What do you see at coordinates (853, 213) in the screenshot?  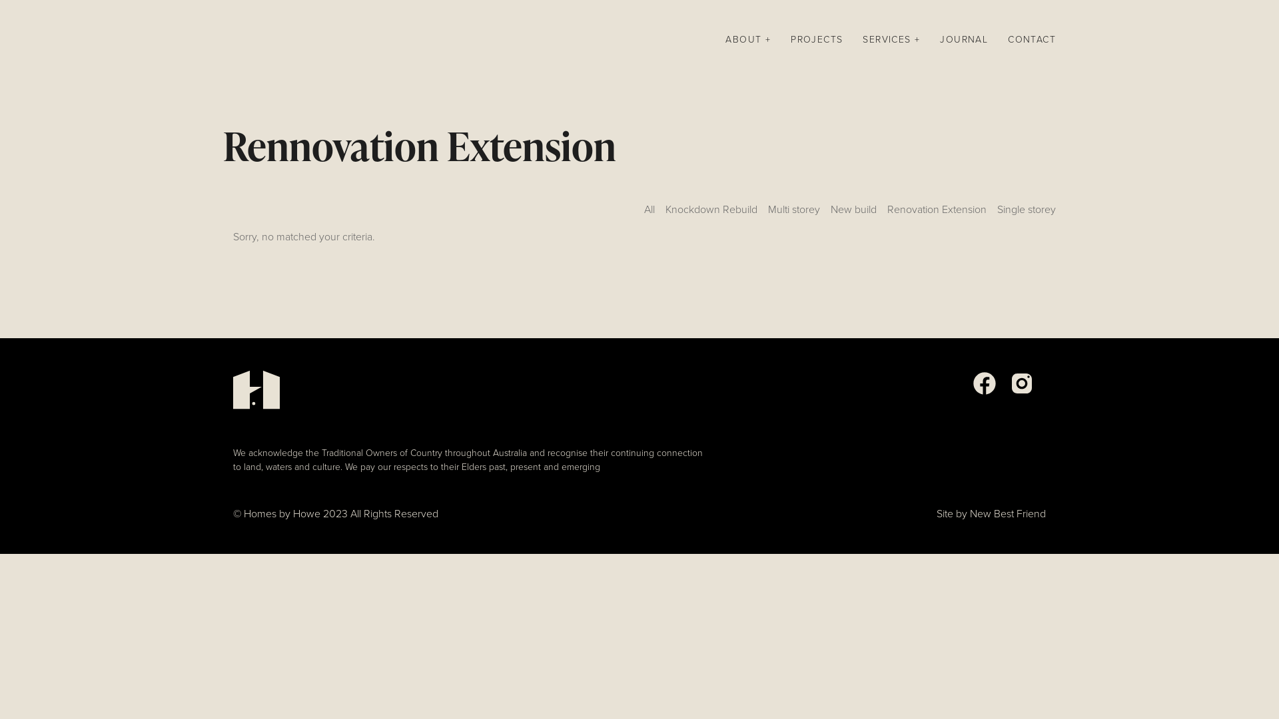 I see `'New build'` at bounding box center [853, 213].